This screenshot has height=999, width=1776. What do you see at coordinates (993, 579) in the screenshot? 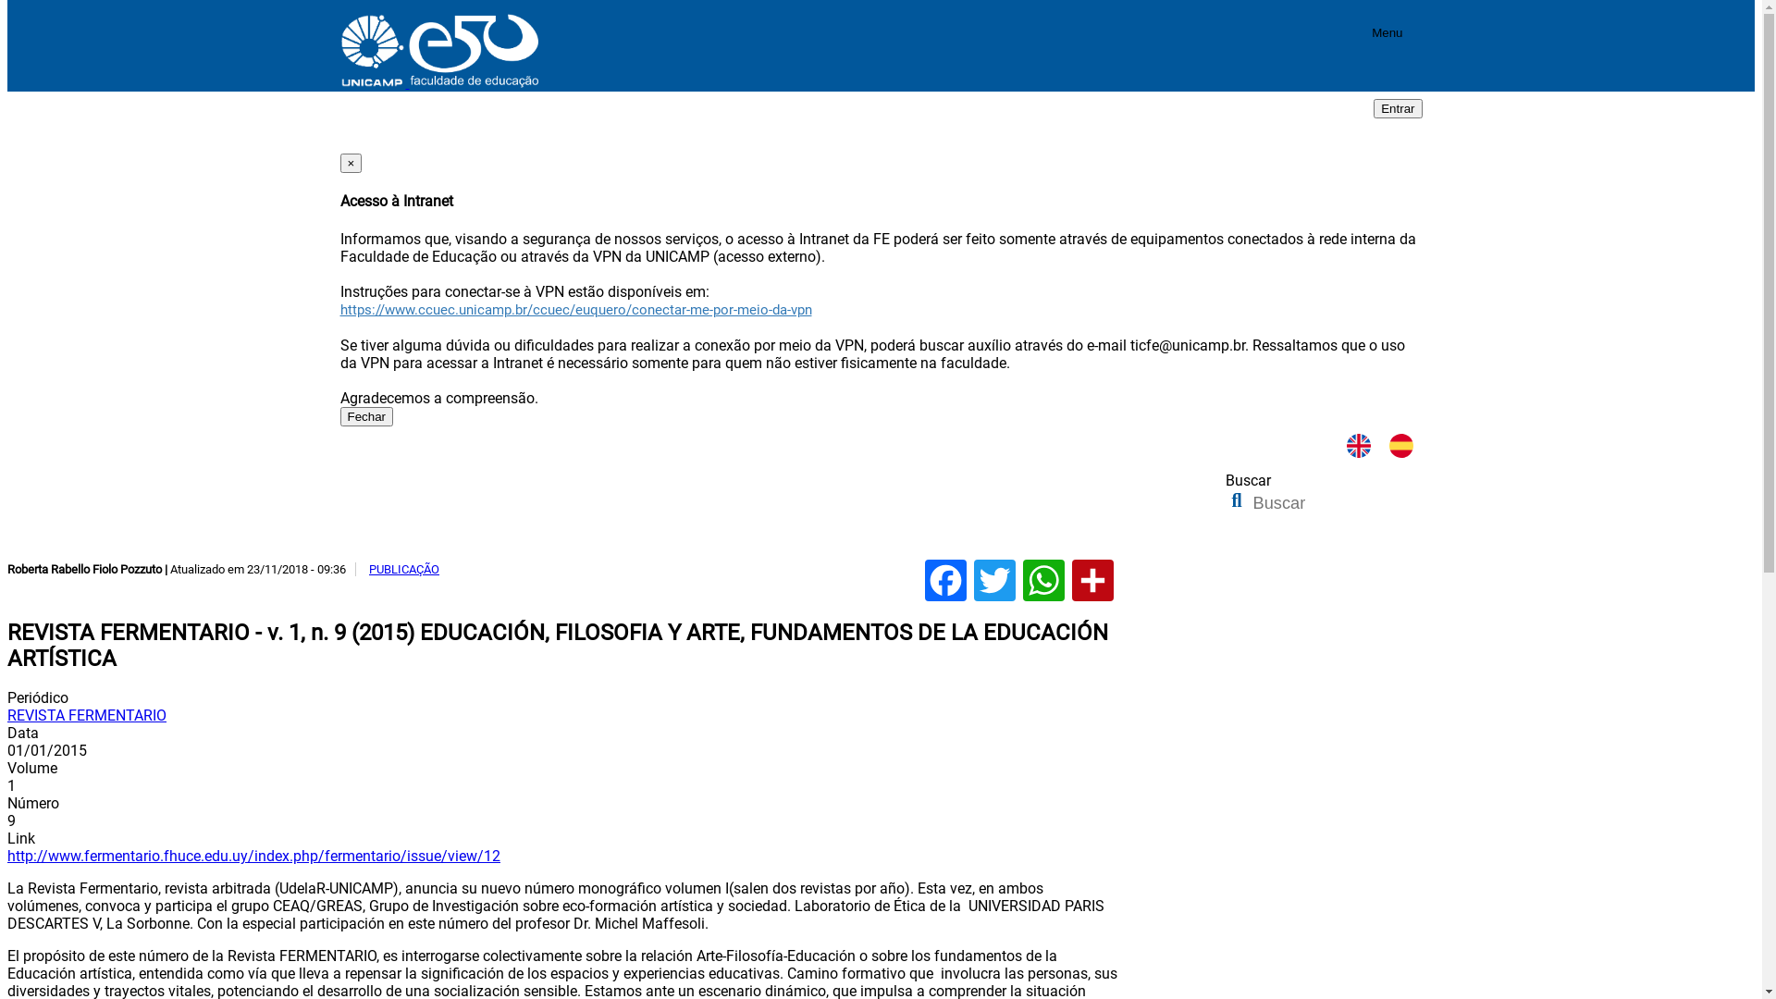
I see `'Twitter'` at bounding box center [993, 579].